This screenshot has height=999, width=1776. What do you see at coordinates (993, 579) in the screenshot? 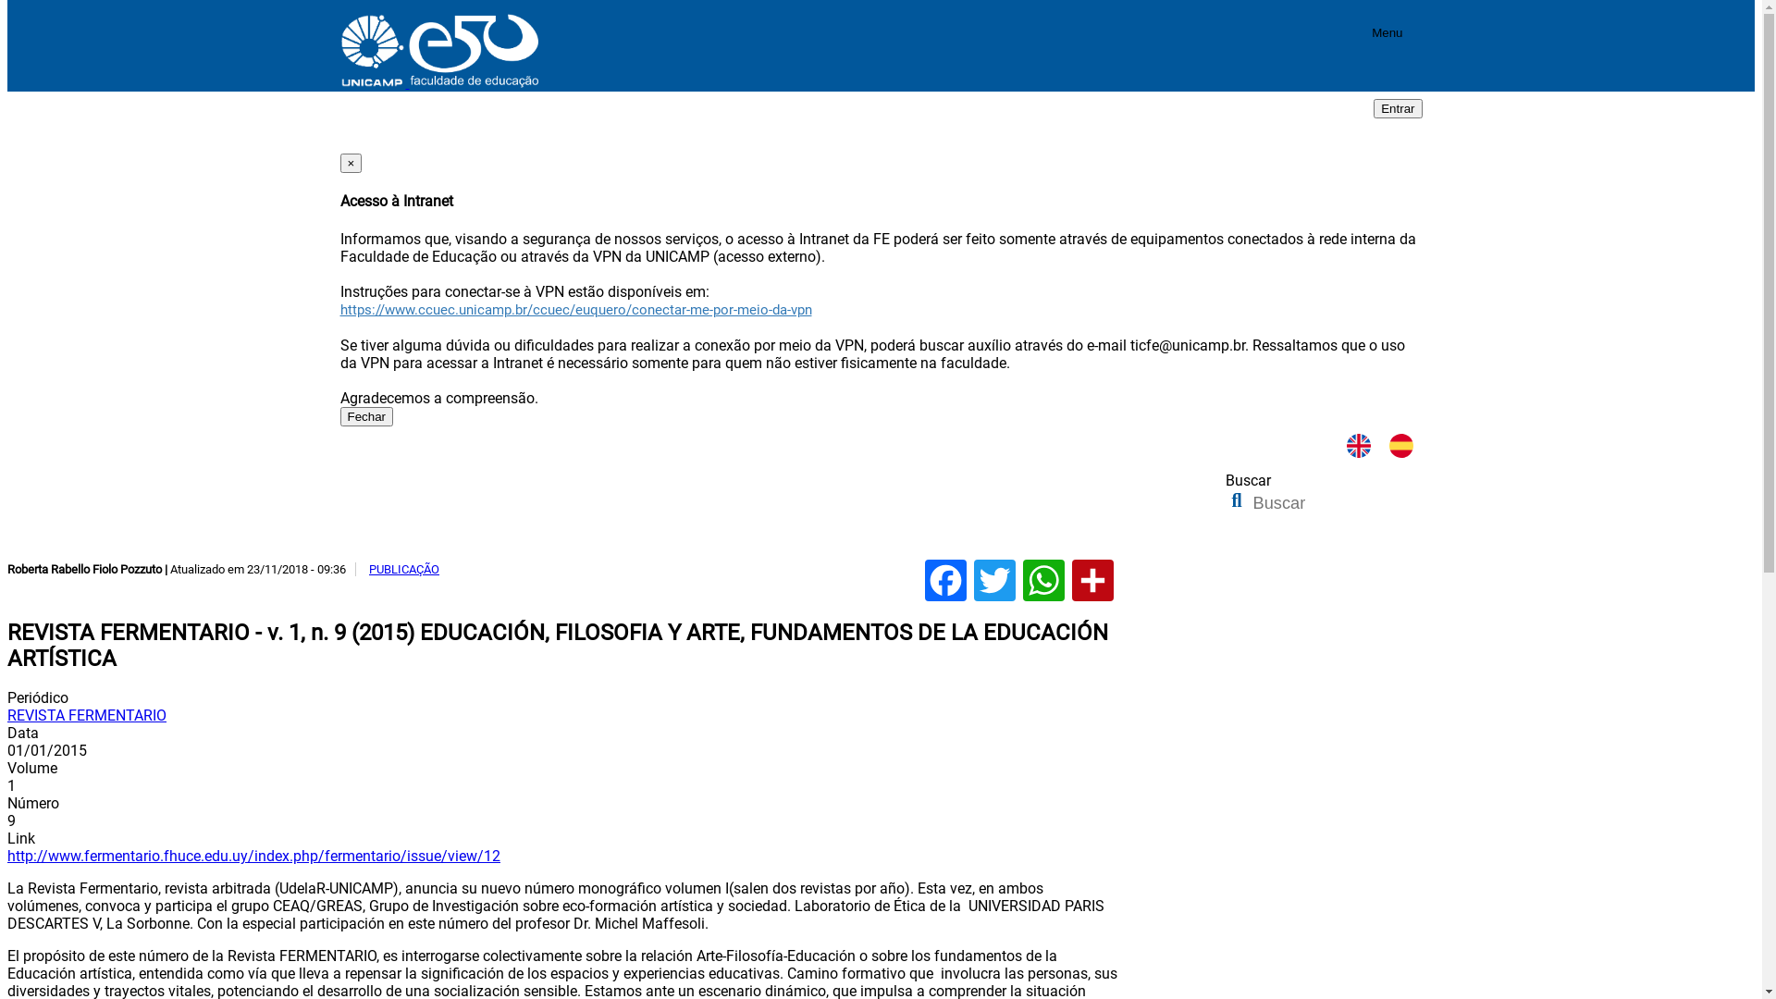
I see `'Twitter'` at bounding box center [993, 579].